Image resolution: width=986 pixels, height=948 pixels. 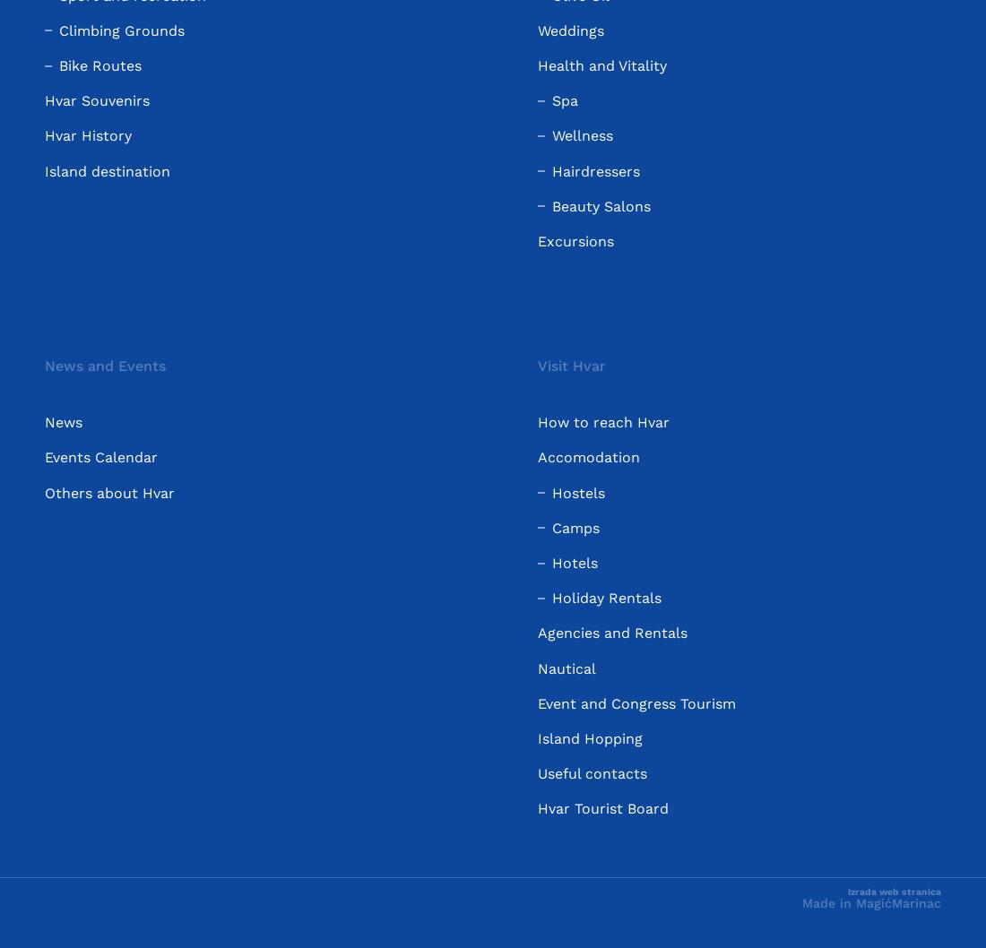 I want to click on 'Climbing Grounds', so click(x=58, y=30).